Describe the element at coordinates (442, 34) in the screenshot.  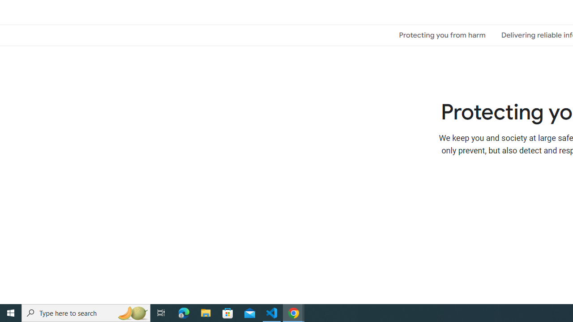
I see `'Protecting you from harm'` at that location.